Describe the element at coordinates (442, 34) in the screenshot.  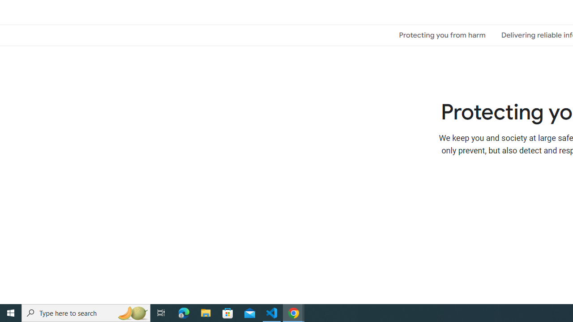
I see `'Protecting you from harm'` at that location.